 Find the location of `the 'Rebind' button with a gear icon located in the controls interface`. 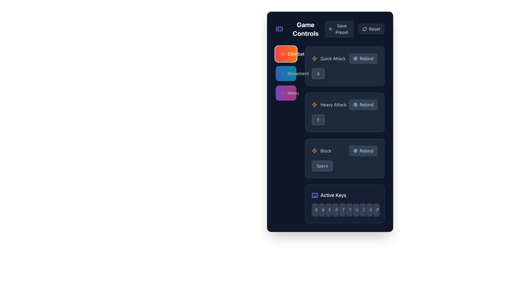

the 'Rebind' button with a gear icon located in the controls interface is located at coordinates (363, 59).